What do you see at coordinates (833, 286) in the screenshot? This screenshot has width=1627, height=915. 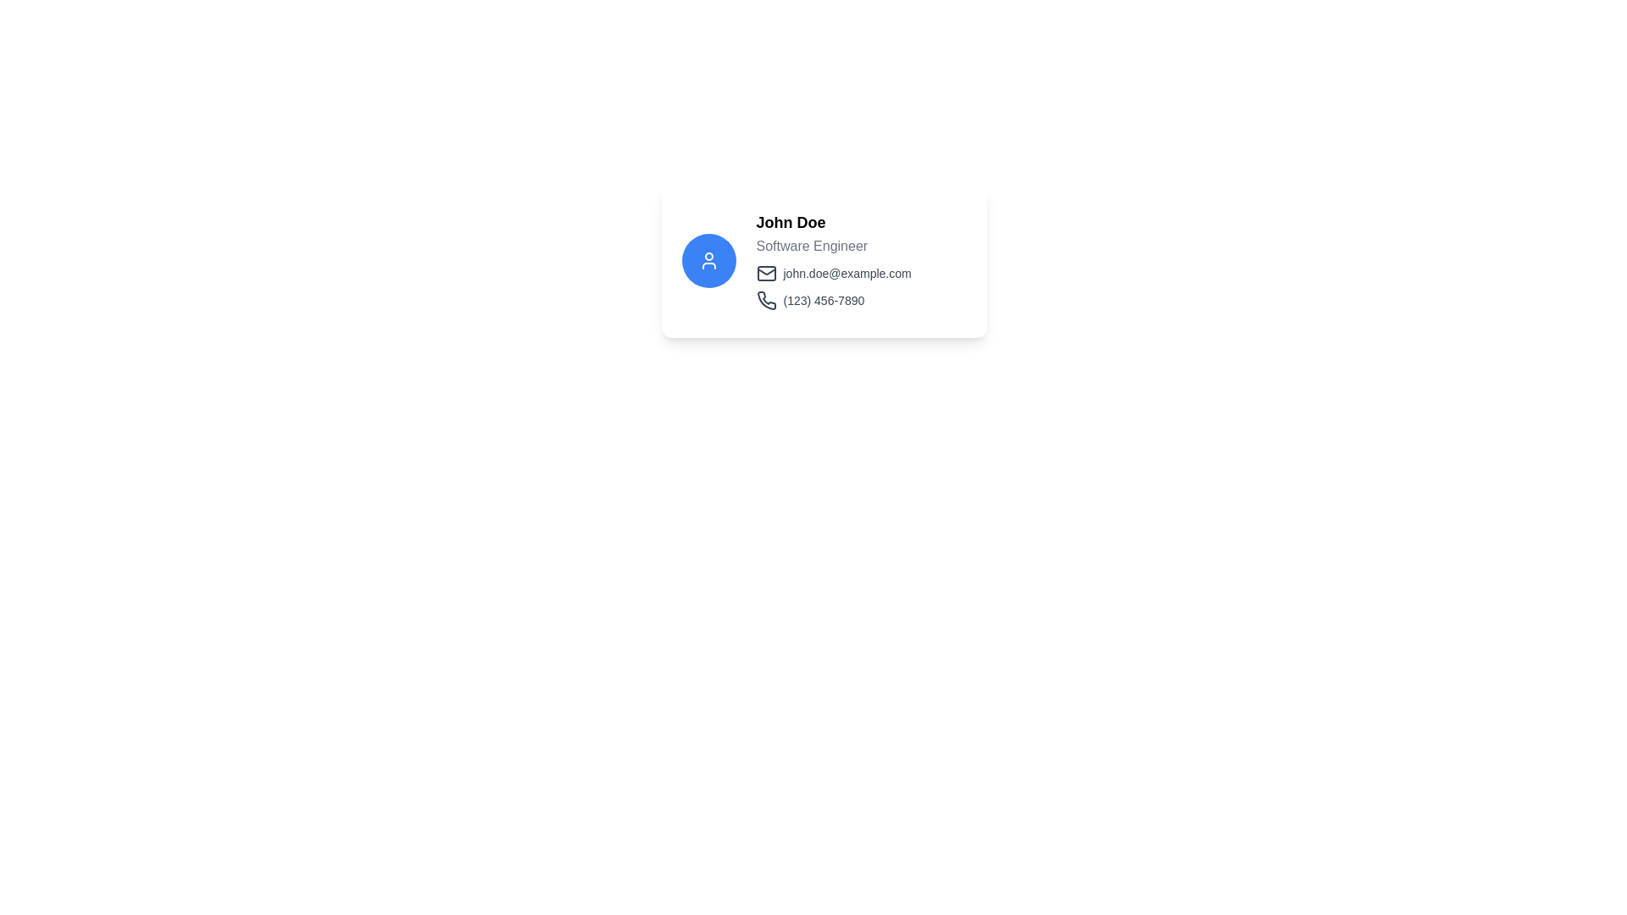 I see `the phone number '(123) 456-7890' within the contact information block` at bounding box center [833, 286].